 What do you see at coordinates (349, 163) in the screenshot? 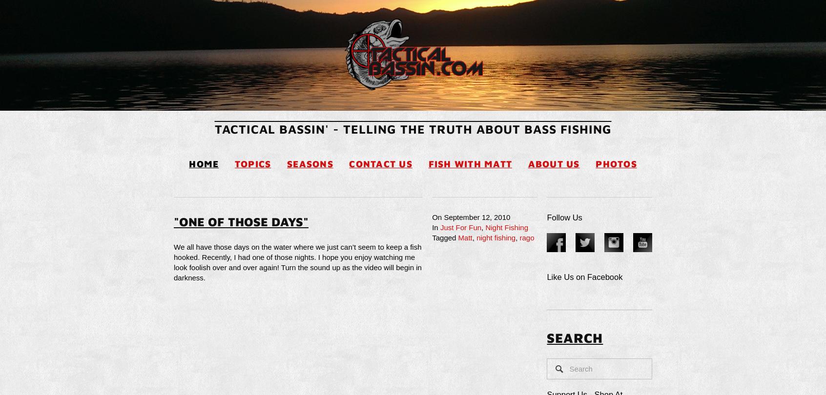
I see `'Contact Us'` at bounding box center [349, 163].